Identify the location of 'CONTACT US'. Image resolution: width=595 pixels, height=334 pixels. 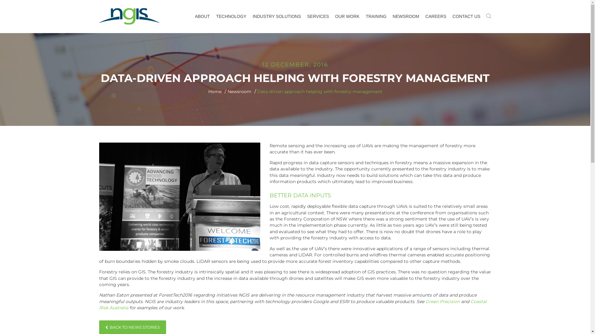
(466, 16).